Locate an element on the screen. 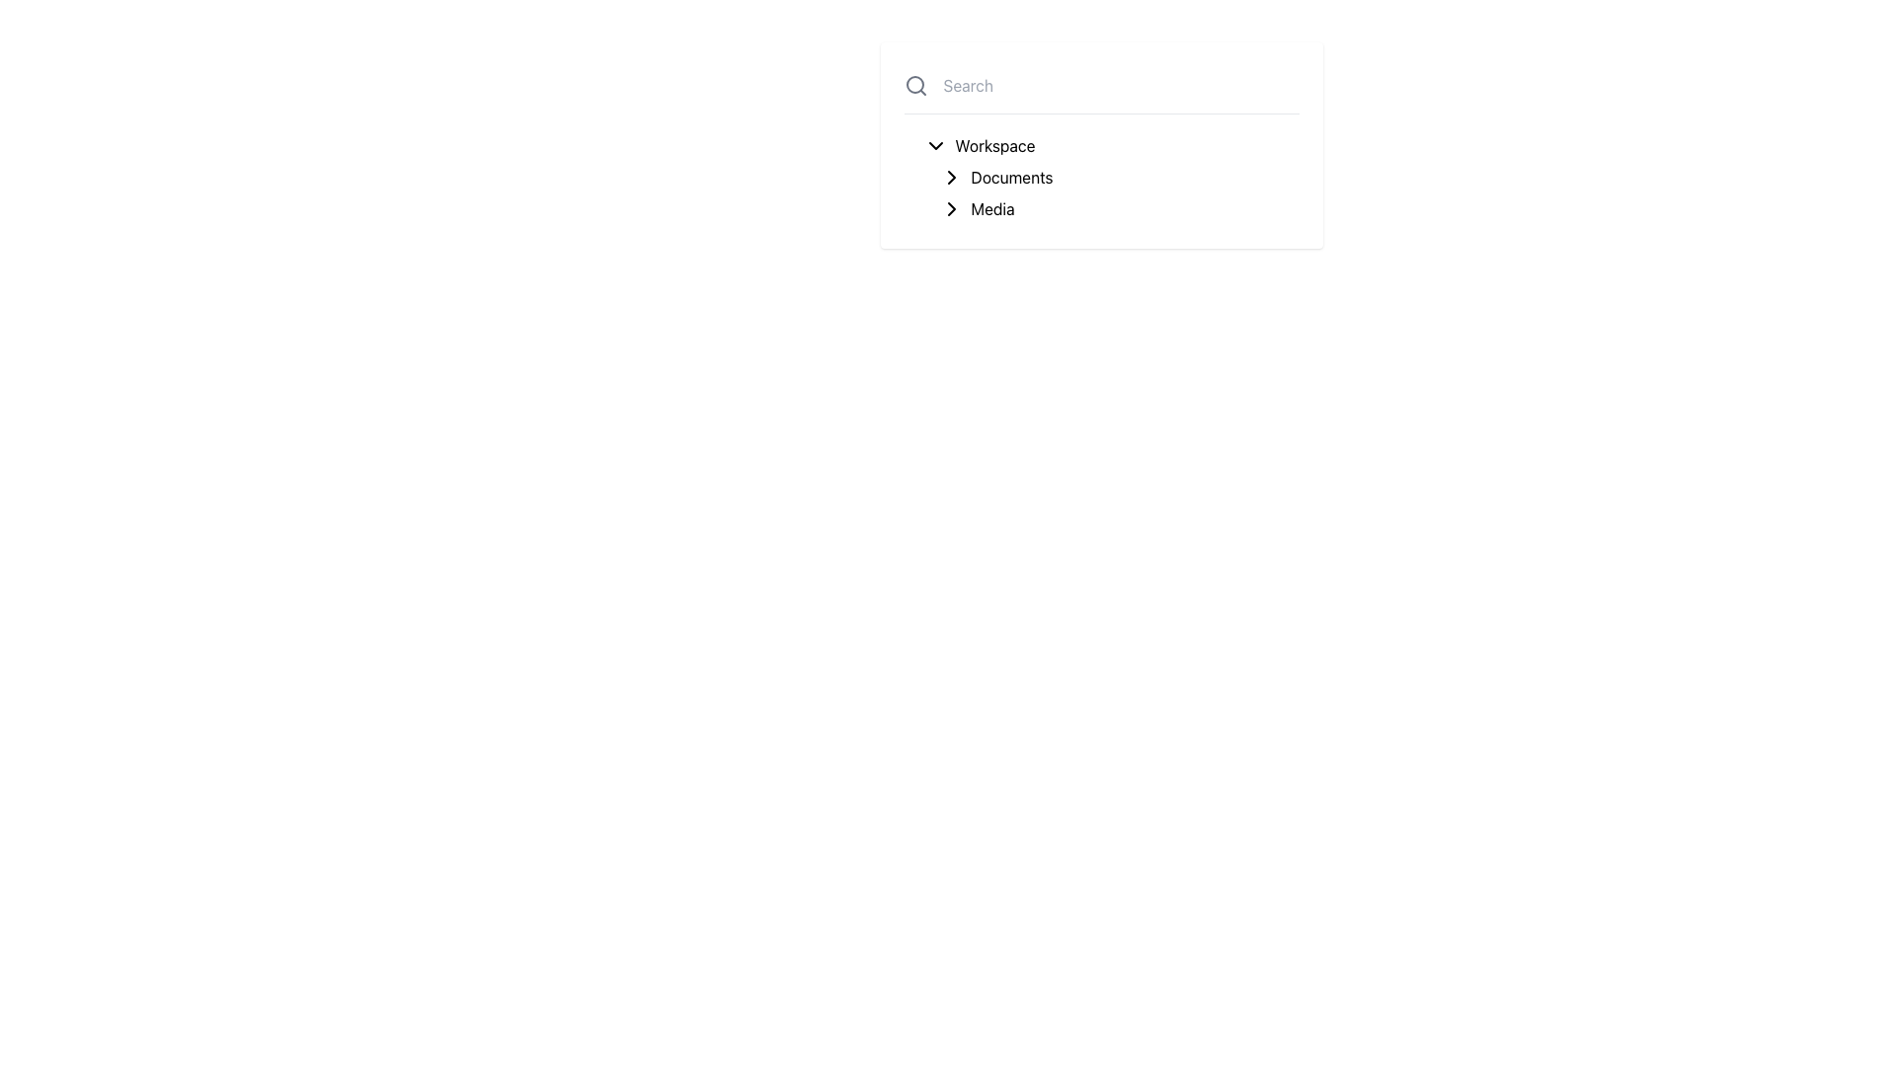 The width and height of the screenshot is (1896, 1066). the 'Workspace' label, which is the first item in a vertical list of labels styled in bold and blue font when selected is located at coordinates (995, 144).